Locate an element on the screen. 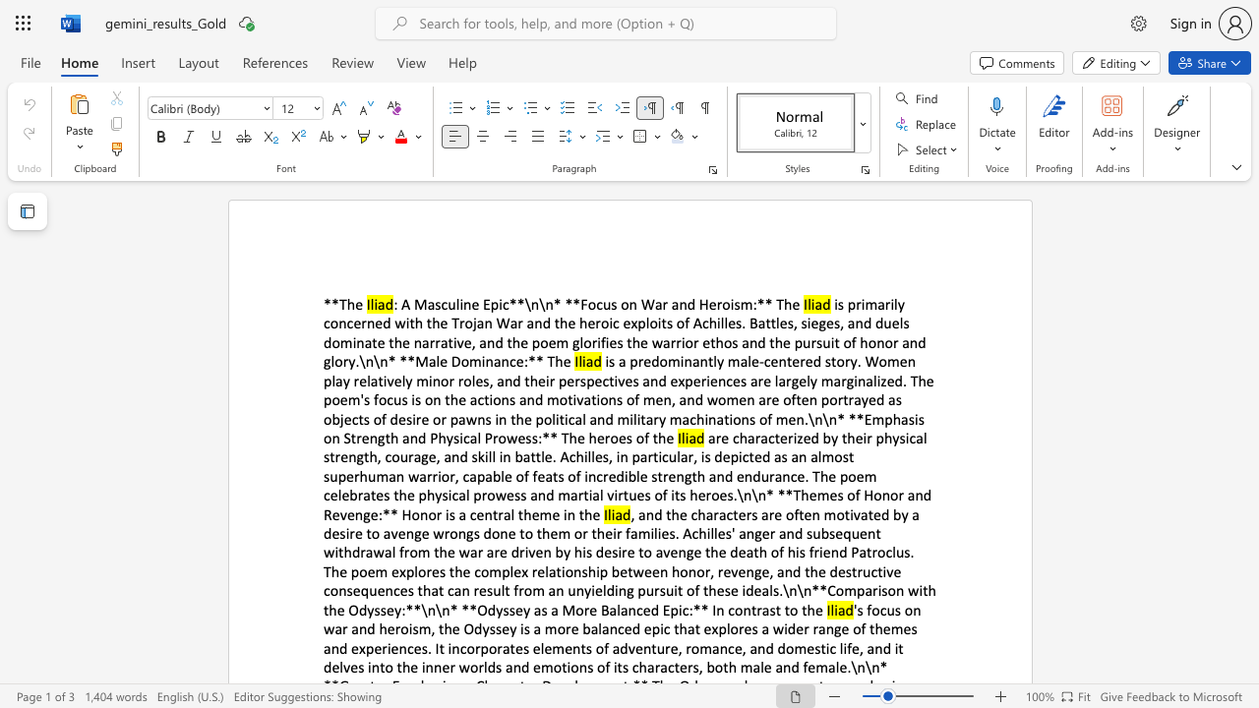 This screenshot has width=1259, height=708. the subset text "heme in t" within the text "are characterized by their physical strength, courage, and skill in battle. Achilles, in particular, is depicted as an almost superhuman warrior, capable of feats of incredible strength and endurance. The poem celebrates the physical prowess and martial virtues of its heroes.\n\n* **Themes of Honor and Revenge:** Honor is a central theme in the" is located at coordinates (523, 513).